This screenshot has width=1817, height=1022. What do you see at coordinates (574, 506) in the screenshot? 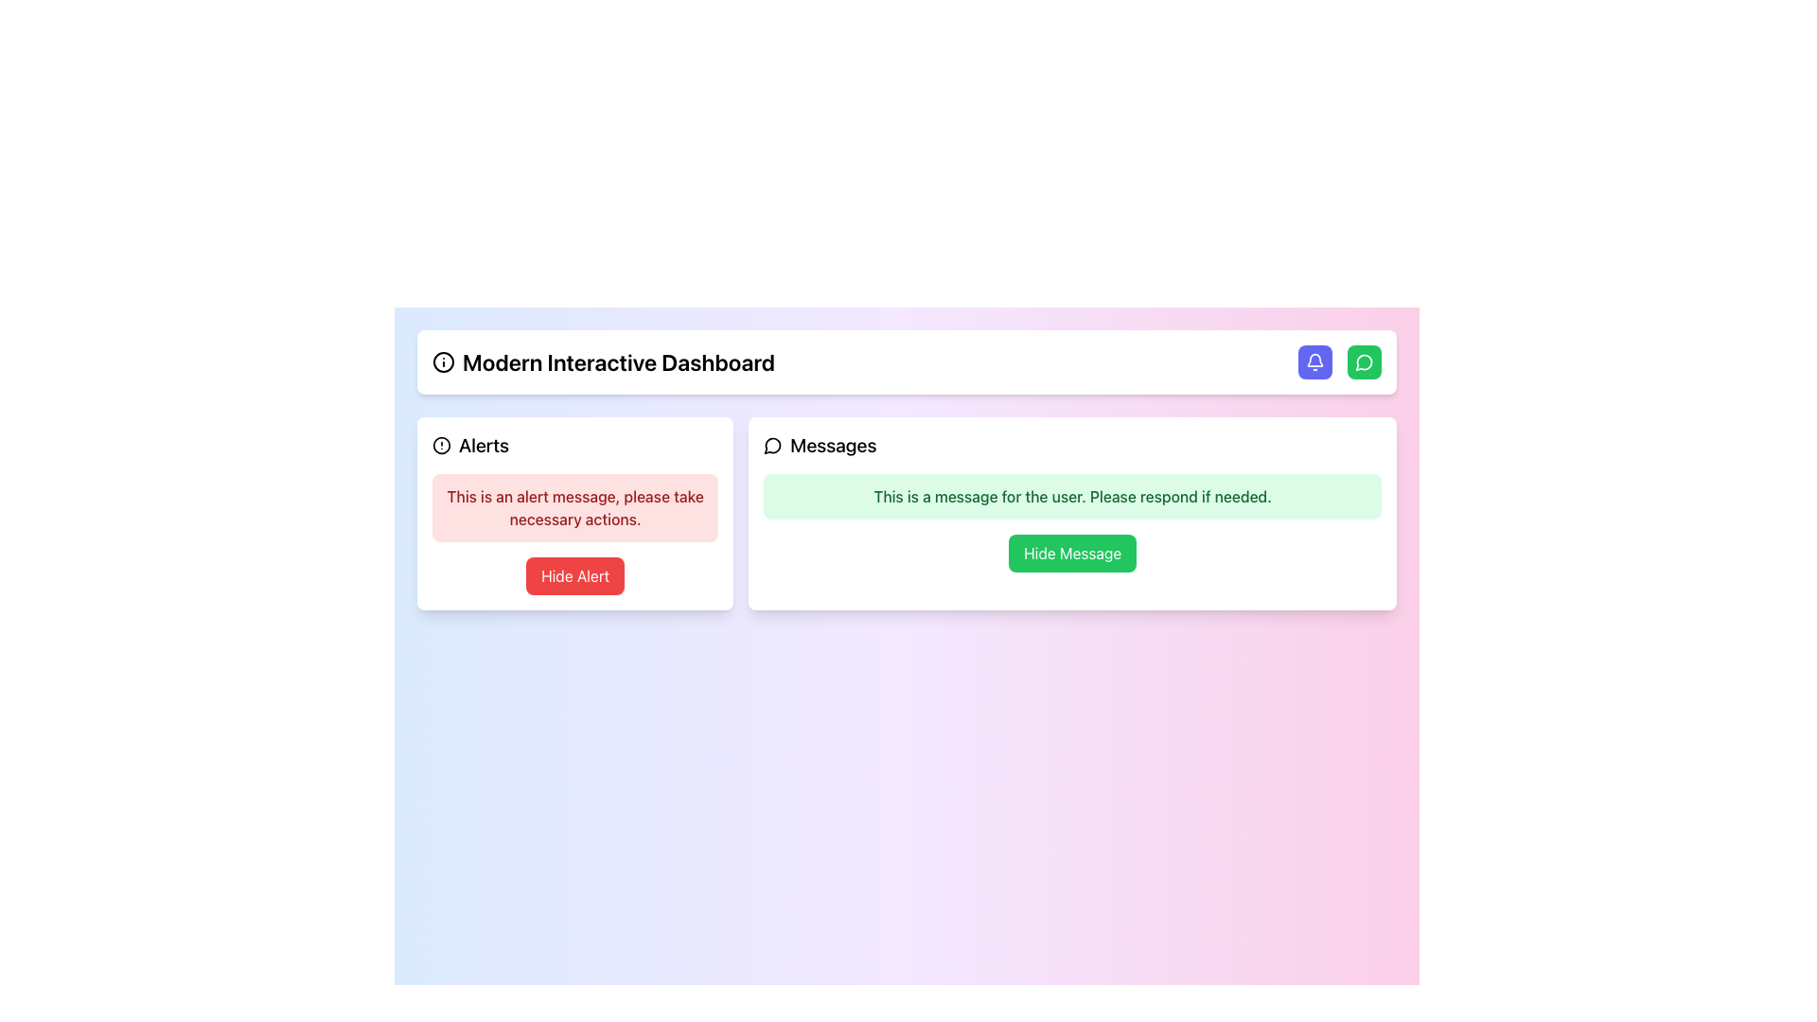
I see `warning message from the Alert Box, which has a light red background and red text stating 'This is an alert message, please take necessary actions.'` at bounding box center [574, 506].